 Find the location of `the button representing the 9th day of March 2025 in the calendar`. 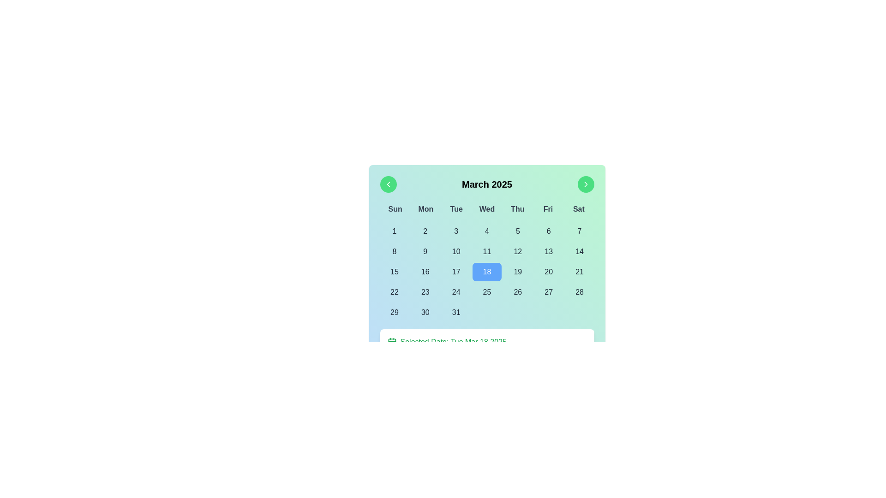

the button representing the 9th day of March 2025 in the calendar is located at coordinates (425, 252).